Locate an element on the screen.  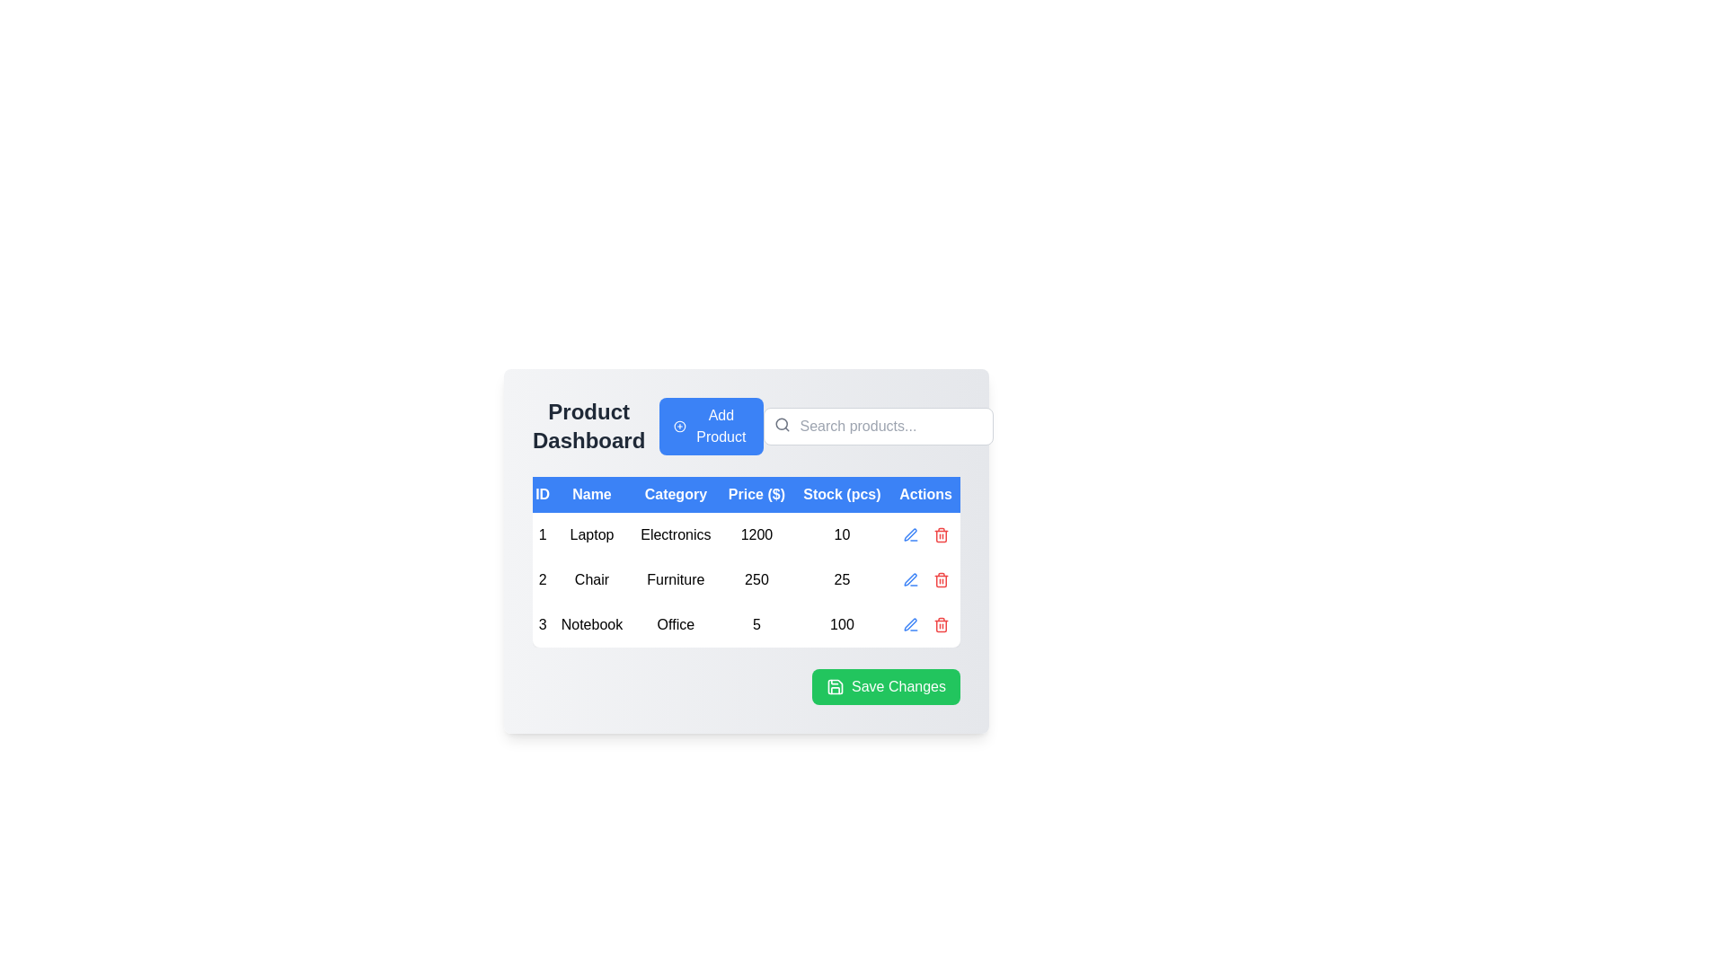
the 'Name' column header in the table is located at coordinates (591, 495).